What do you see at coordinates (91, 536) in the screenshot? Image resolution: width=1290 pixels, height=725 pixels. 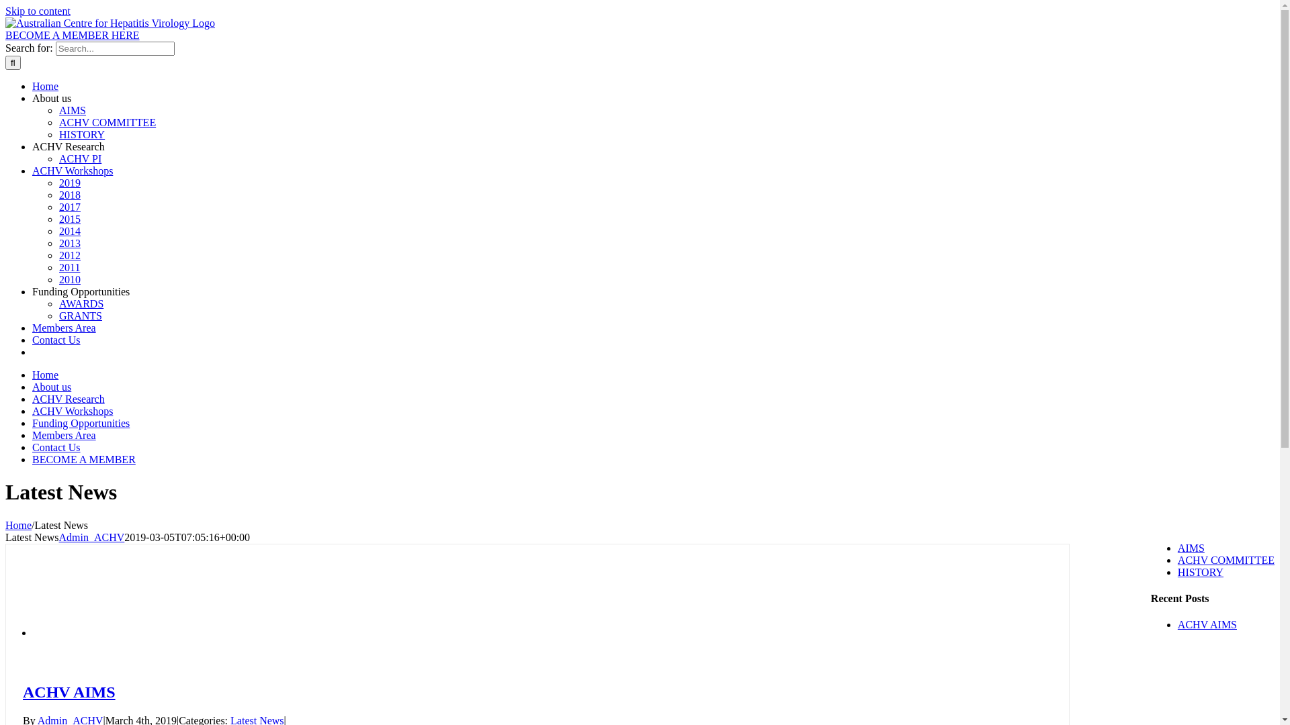 I see `'Admin_ACHV'` at bounding box center [91, 536].